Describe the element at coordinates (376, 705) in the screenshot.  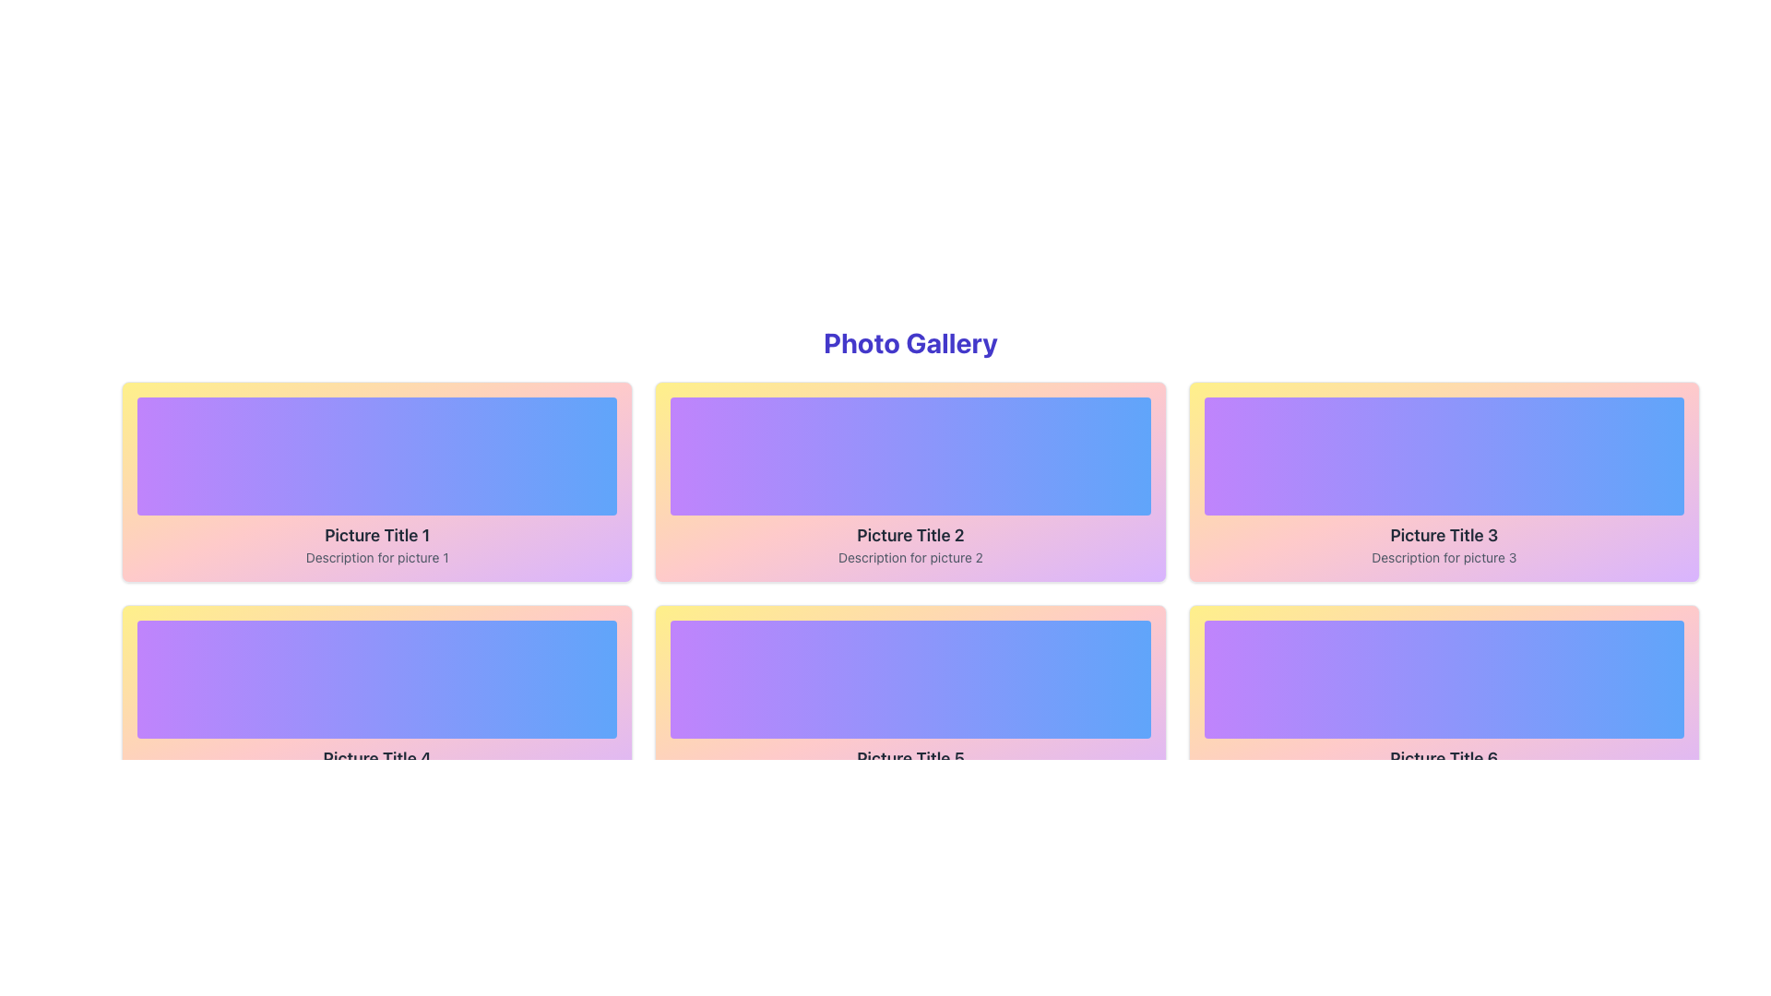
I see `the Card component located in the second row, first column of the grid layout, which displays a picture's title and description` at that location.